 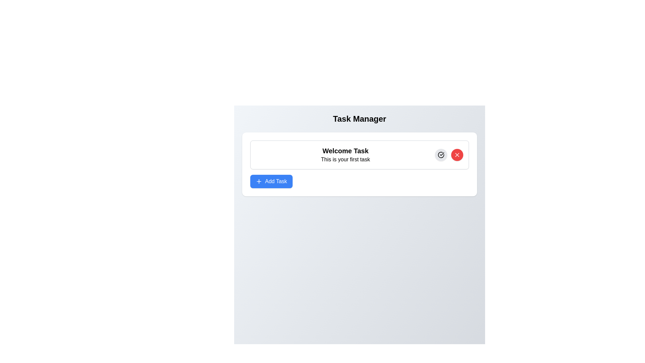 I want to click on the delete button located in the top-right corner of the task item component in the task manager interface, so click(x=457, y=155).